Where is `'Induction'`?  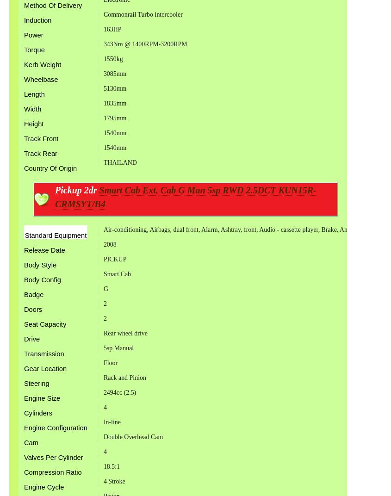
'Induction' is located at coordinates (37, 19).